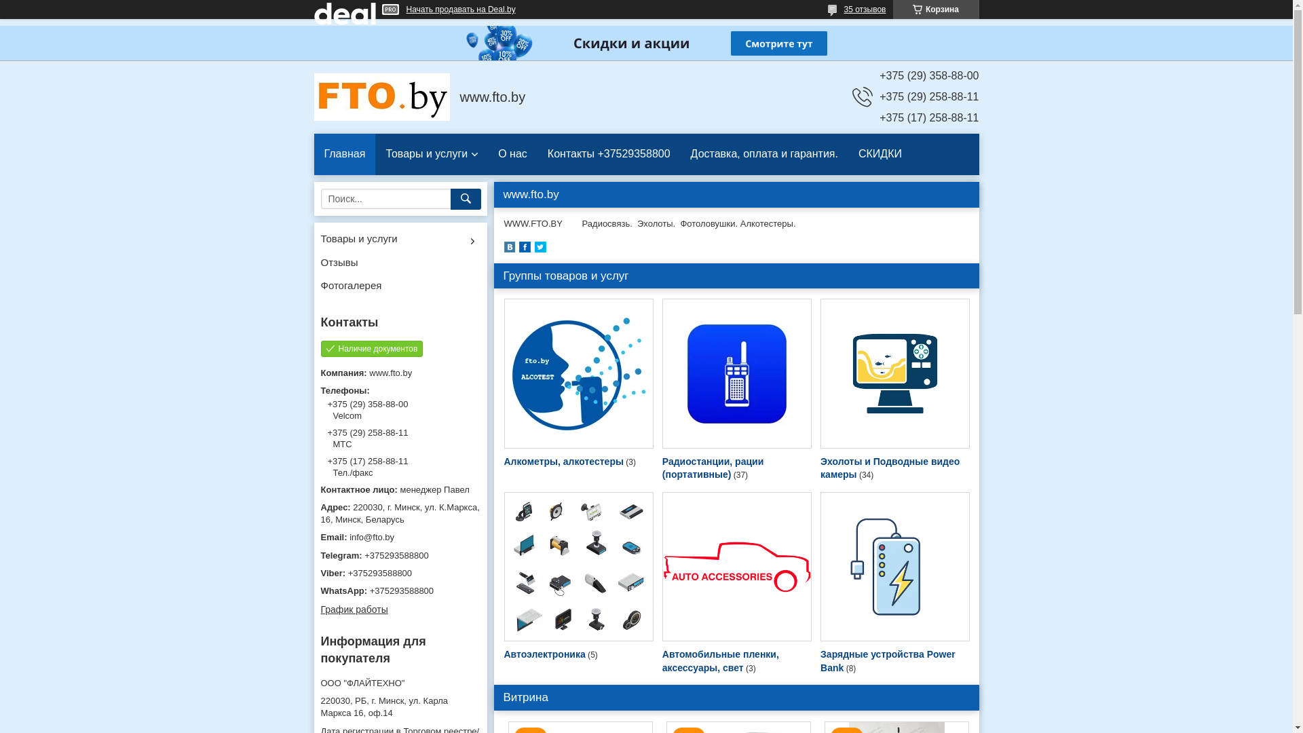 The width and height of the screenshot is (1303, 733). I want to click on 'facebook', so click(517, 249).